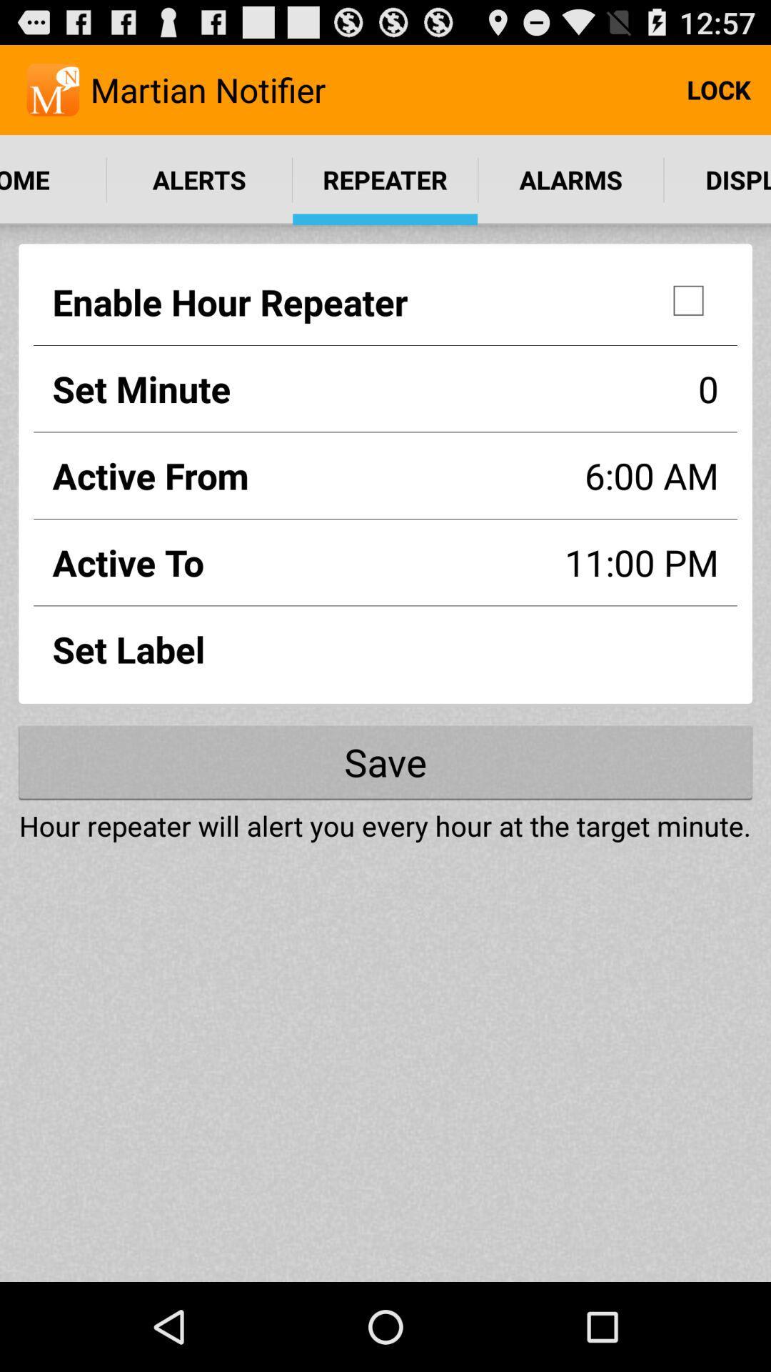  What do you see at coordinates (718, 89) in the screenshot?
I see `icon next to the martian notifier item` at bounding box center [718, 89].